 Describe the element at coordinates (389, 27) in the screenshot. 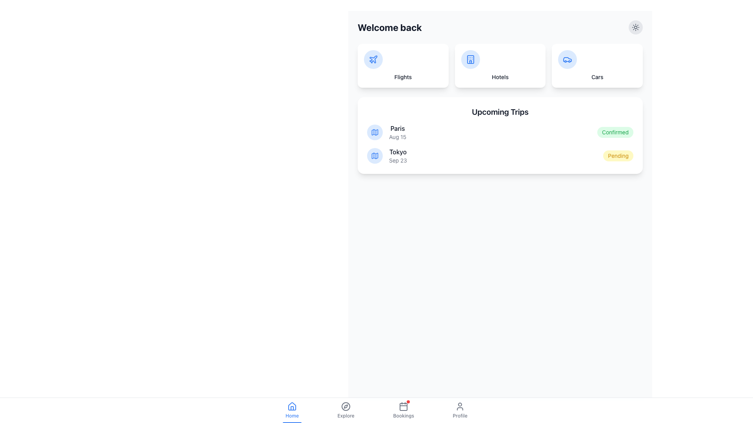

I see `the prominently displayed bold text element that says 'Welcome back', located near the top-left section of the interface` at that location.